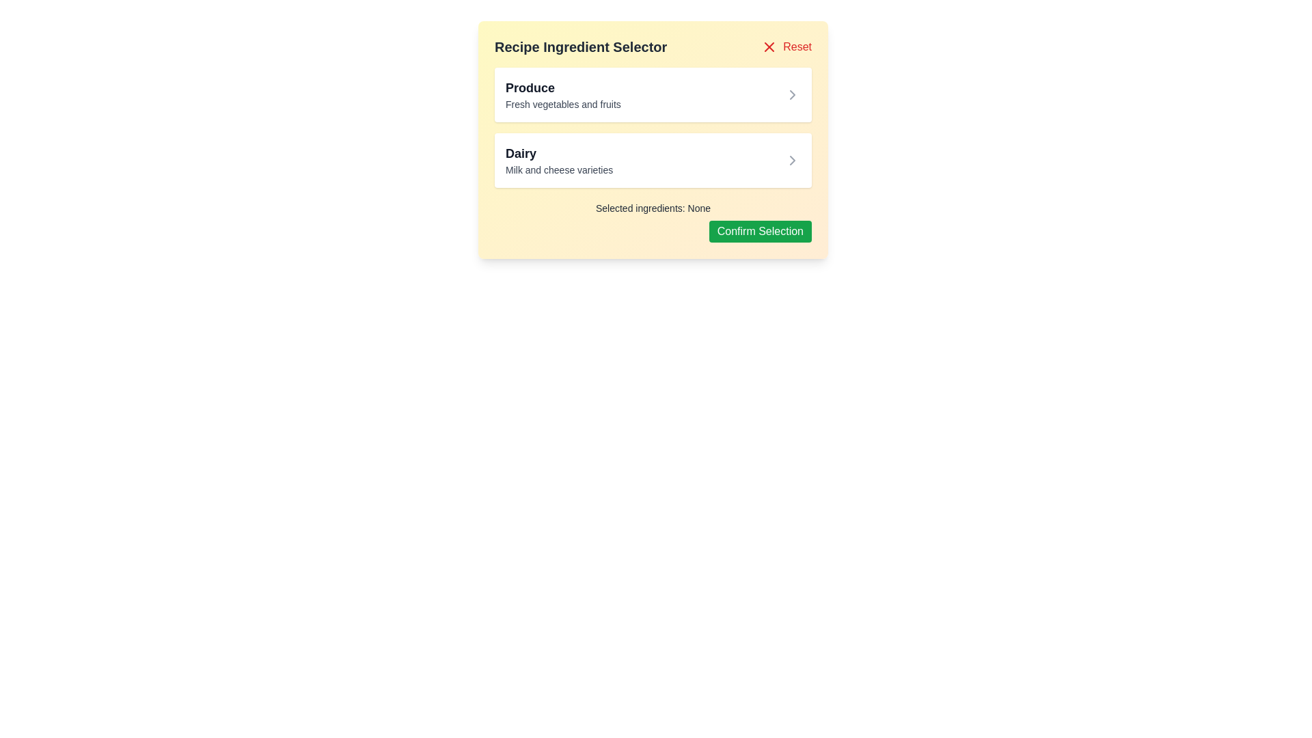  I want to click on the small rightward arrow icon with a gray outline located near the 'Dairy' section in the selection menu to potentially view tooltips, so click(793, 160).